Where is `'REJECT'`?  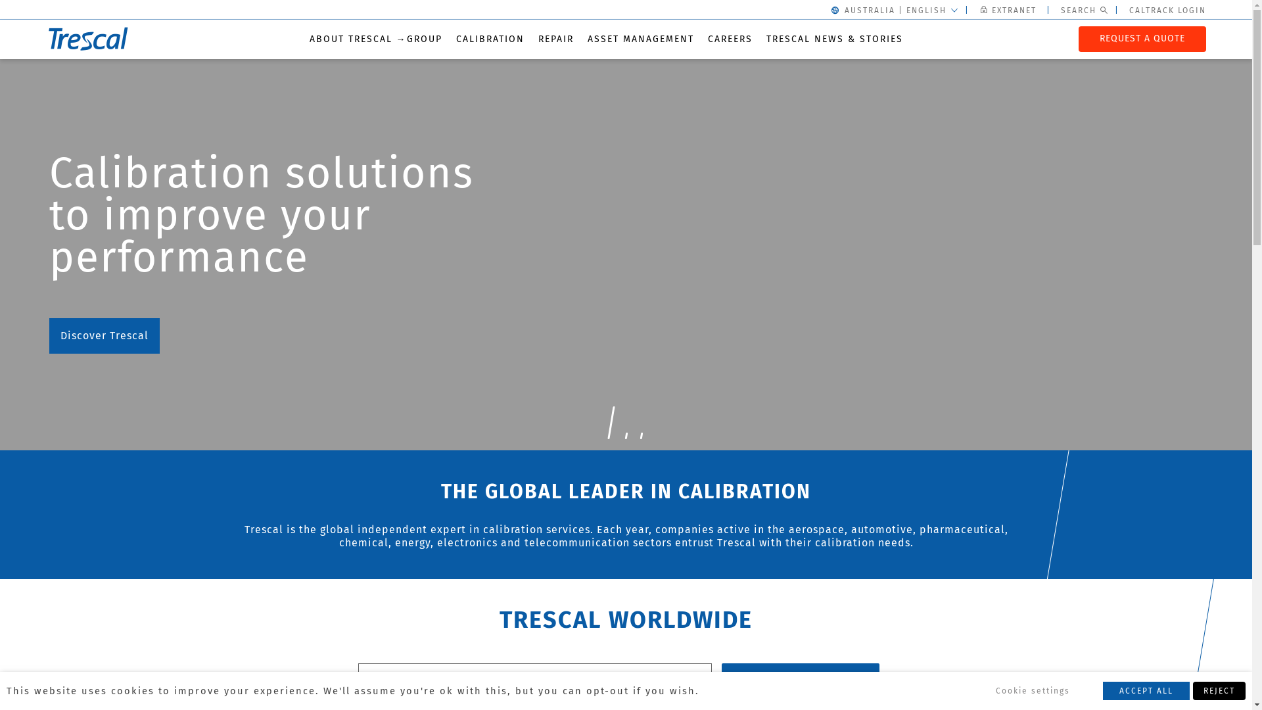 'REJECT' is located at coordinates (1192, 690).